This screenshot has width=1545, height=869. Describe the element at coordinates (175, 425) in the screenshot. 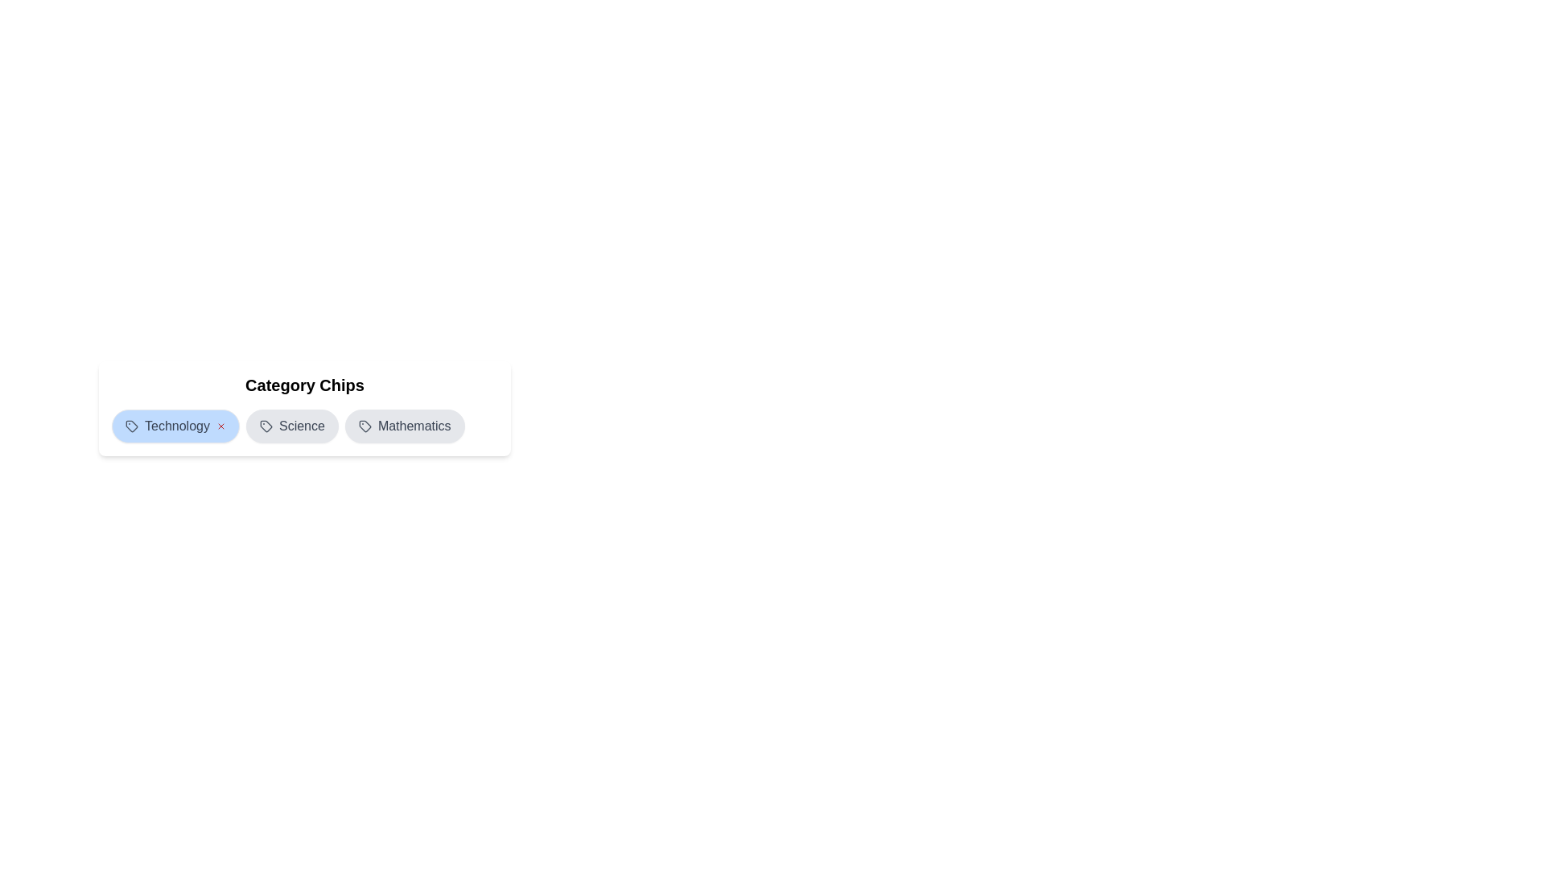

I see `the chip labeled Technology to toggle its selection state` at that location.